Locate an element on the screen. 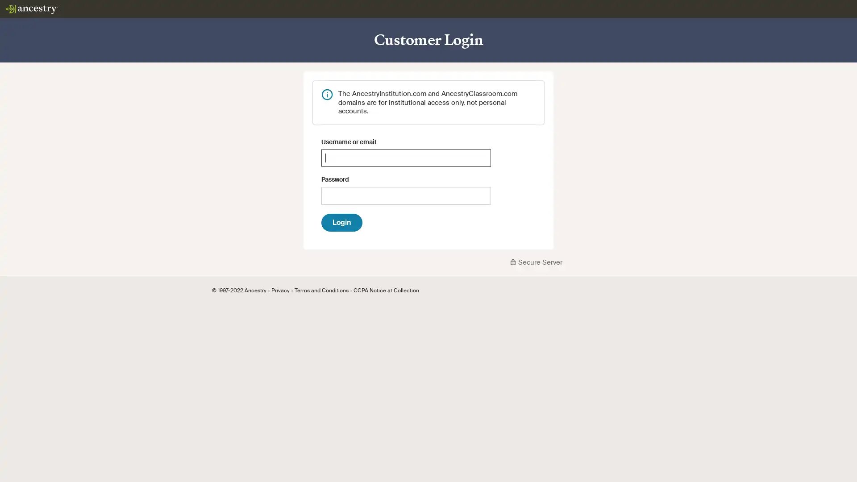 The width and height of the screenshot is (857, 482). Login is located at coordinates (341, 221).